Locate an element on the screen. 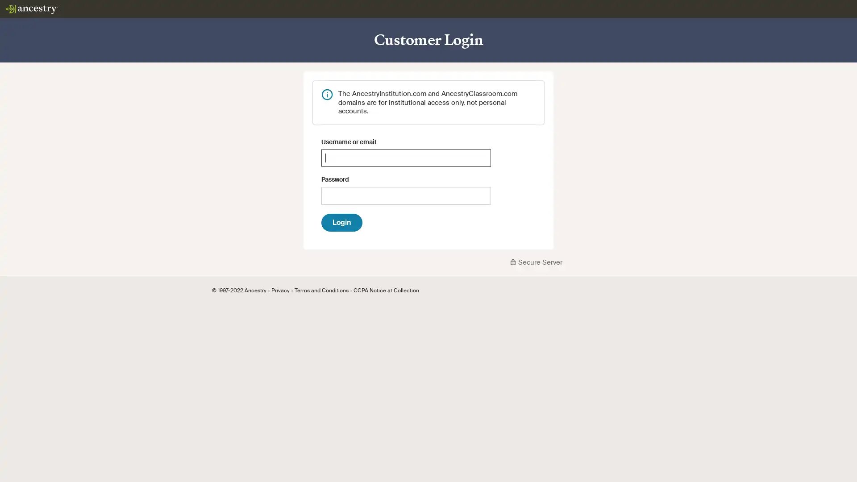 The width and height of the screenshot is (857, 482). Login is located at coordinates (341, 221).